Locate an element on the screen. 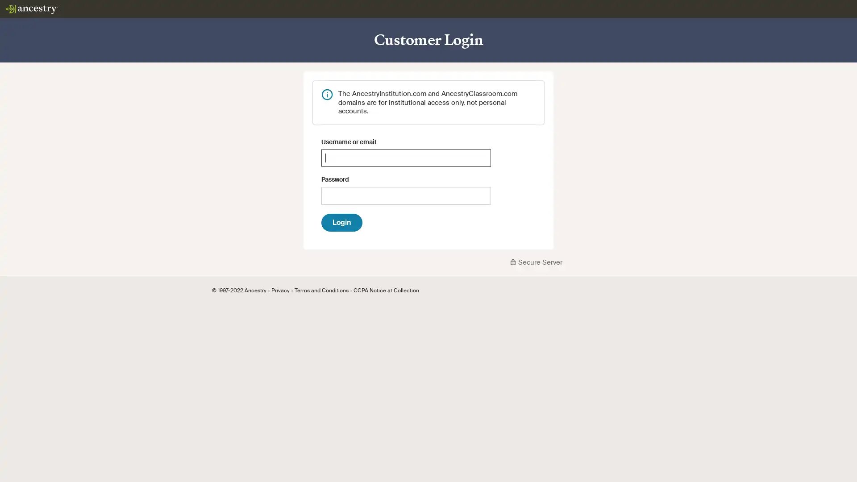 The width and height of the screenshot is (857, 482). Login is located at coordinates (341, 221).